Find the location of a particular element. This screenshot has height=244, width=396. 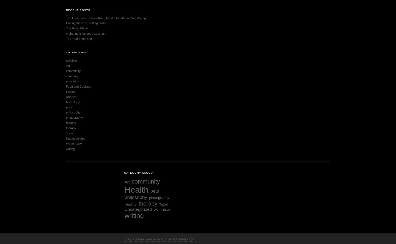

'The Year of the Cat' is located at coordinates (78, 39).